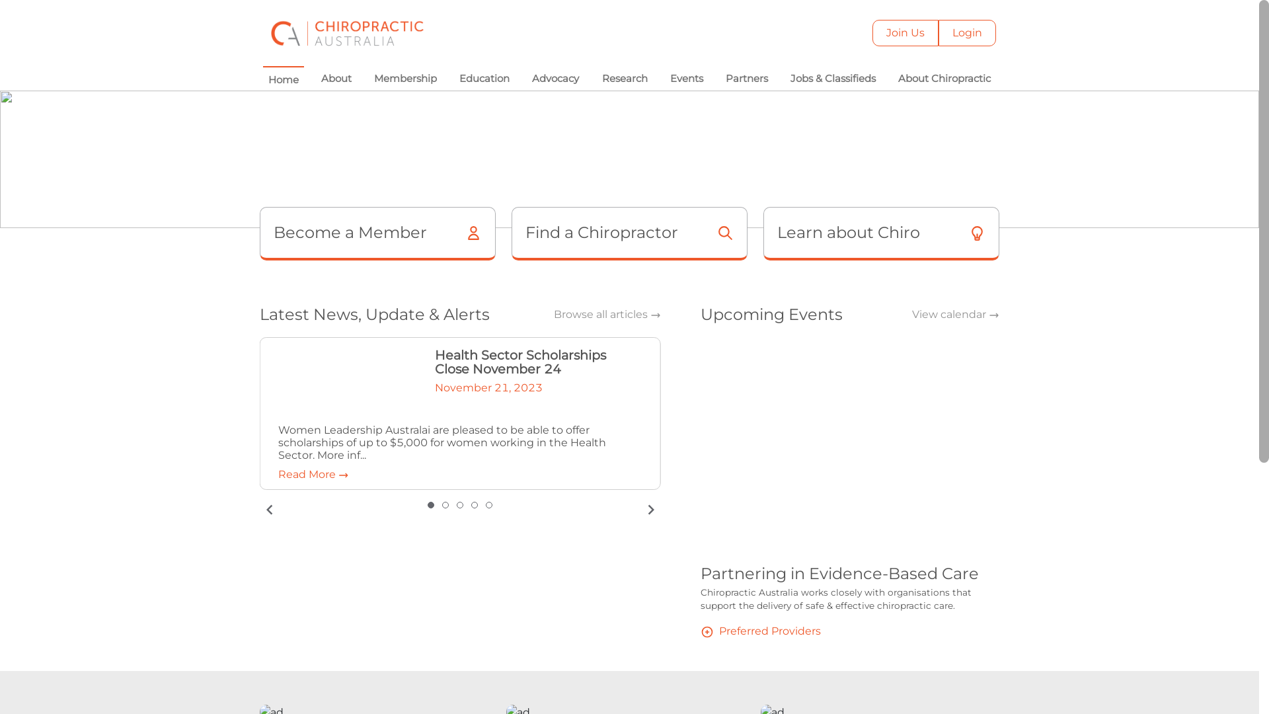  What do you see at coordinates (832, 79) in the screenshot?
I see `'Jobs & Classifieds'` at bounding box center [832, 79].